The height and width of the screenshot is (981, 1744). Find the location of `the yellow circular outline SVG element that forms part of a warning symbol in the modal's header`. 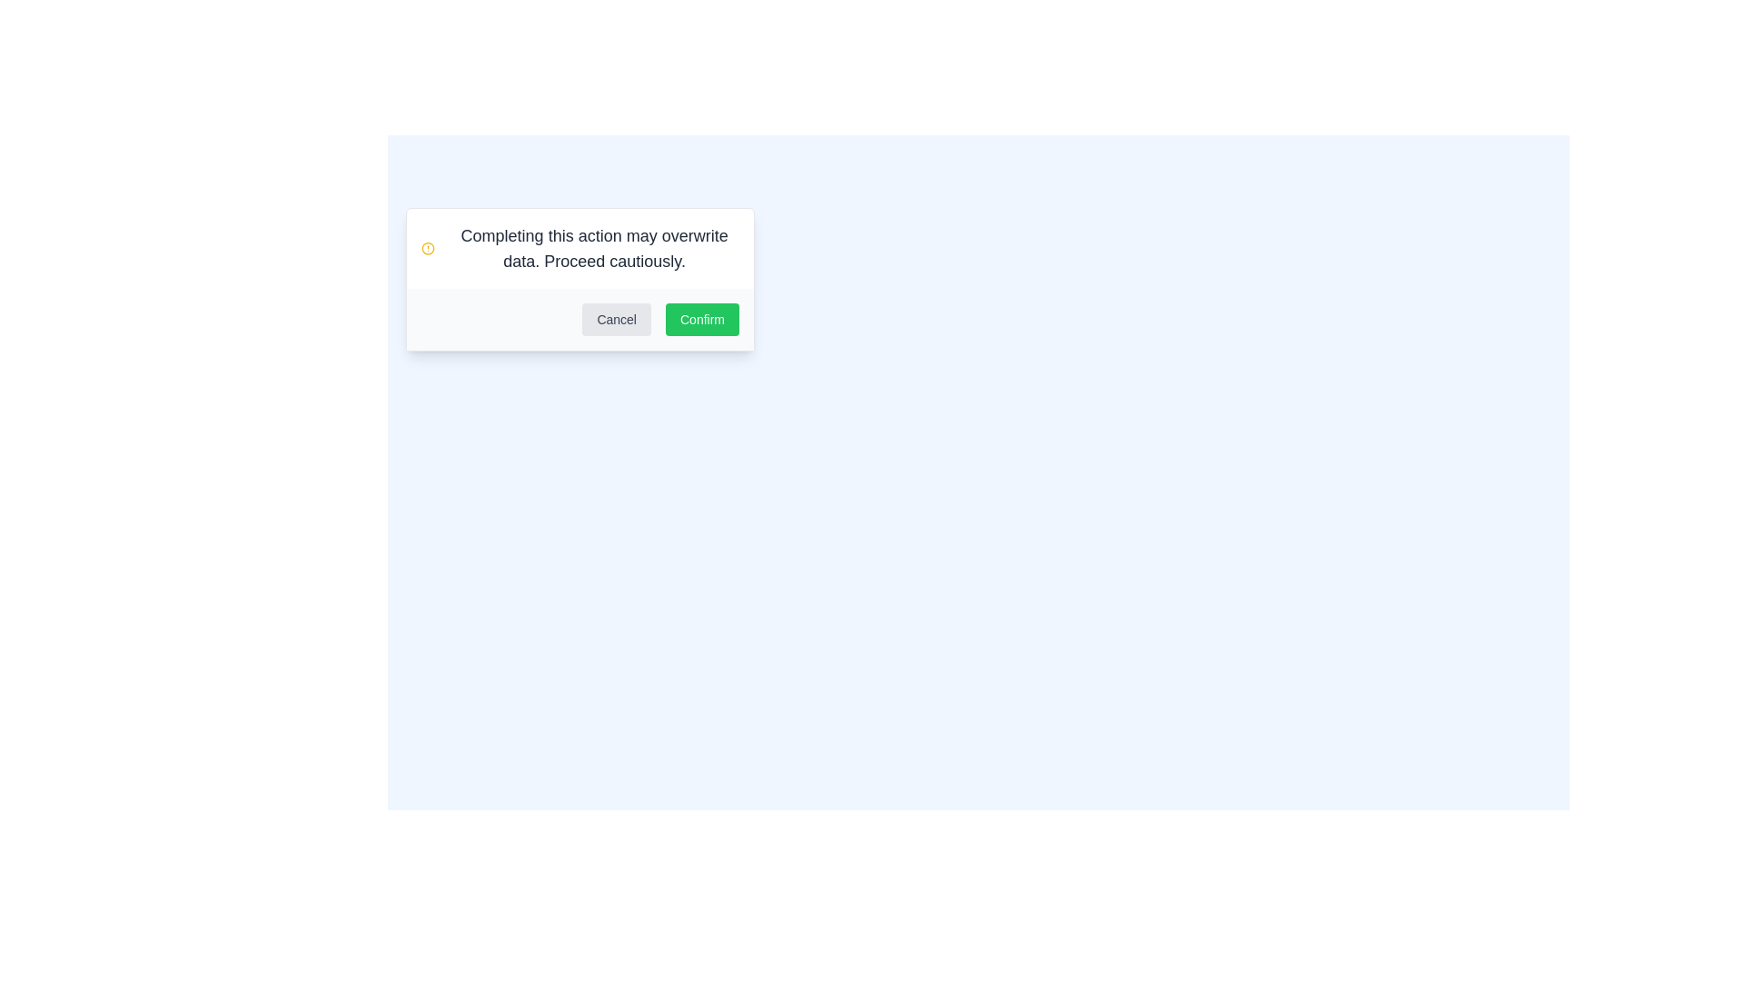

the yellow circular outline SVG element that forms part of a warning symbol in the modal's header is located at coordinates (427, 248).